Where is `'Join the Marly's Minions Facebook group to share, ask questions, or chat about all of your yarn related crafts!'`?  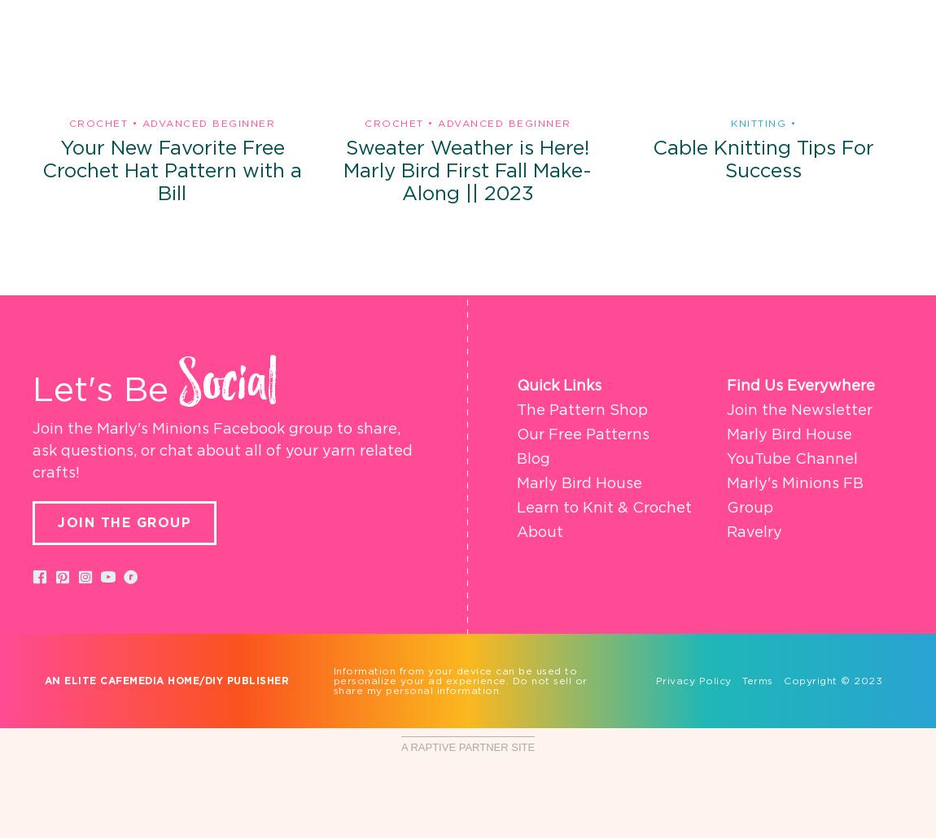 'Join the Marly's Minions Facebook group to share, ask questions, or chat about all of your yarn related crafts!' is located at coordinates (221, 451).